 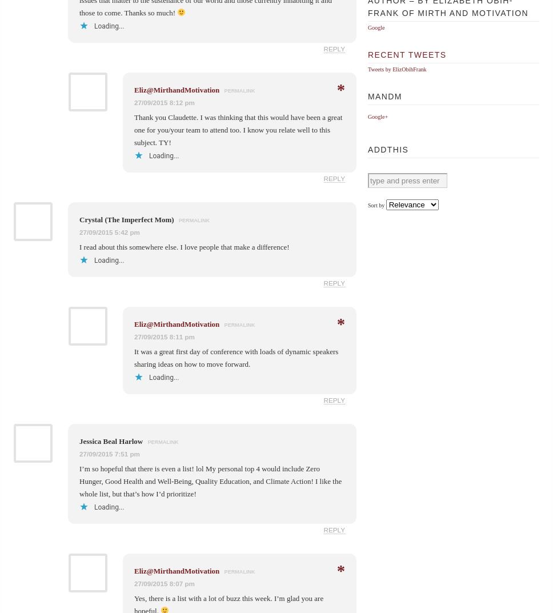 I want to click on '27/09/2015 7:51 pm', so click(x=109, y=453).